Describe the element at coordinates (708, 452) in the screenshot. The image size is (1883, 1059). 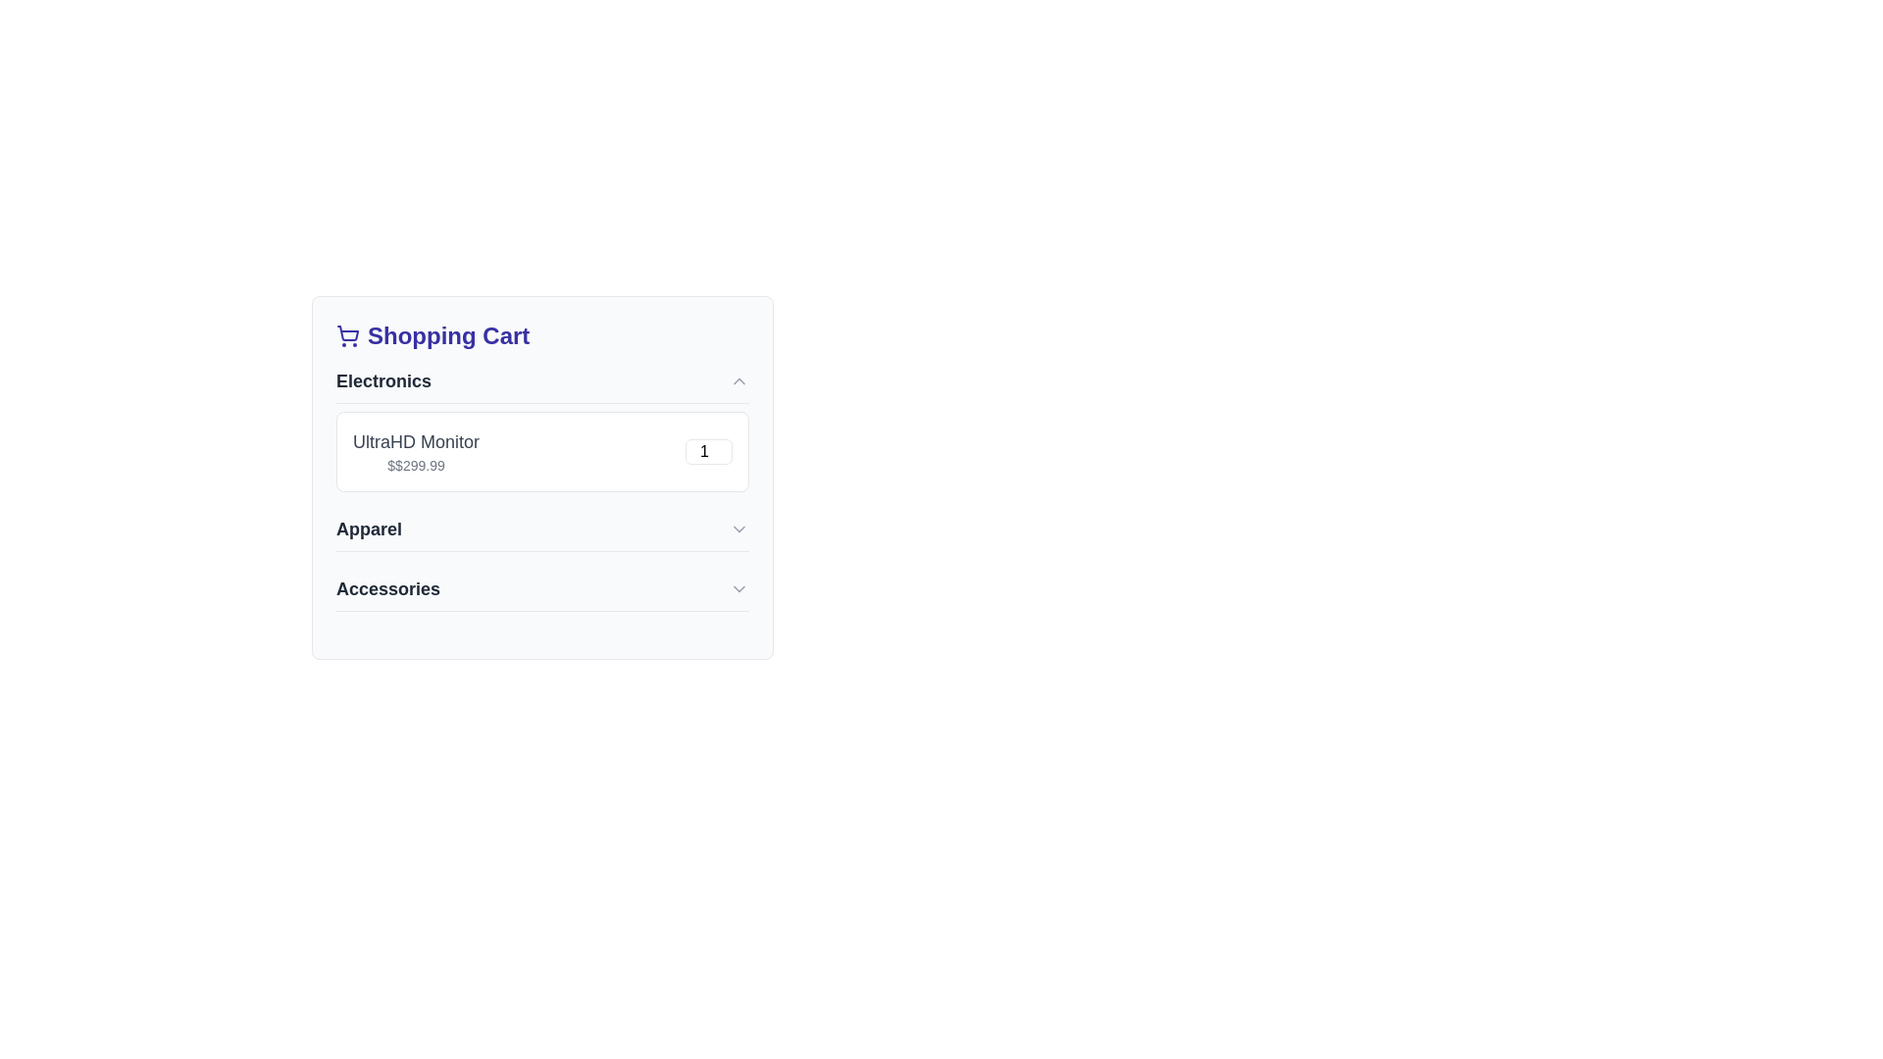
I see `the input field for specifying the quantity of the 'UltraHD Monitor' to focus and edit the quantity` at that location.